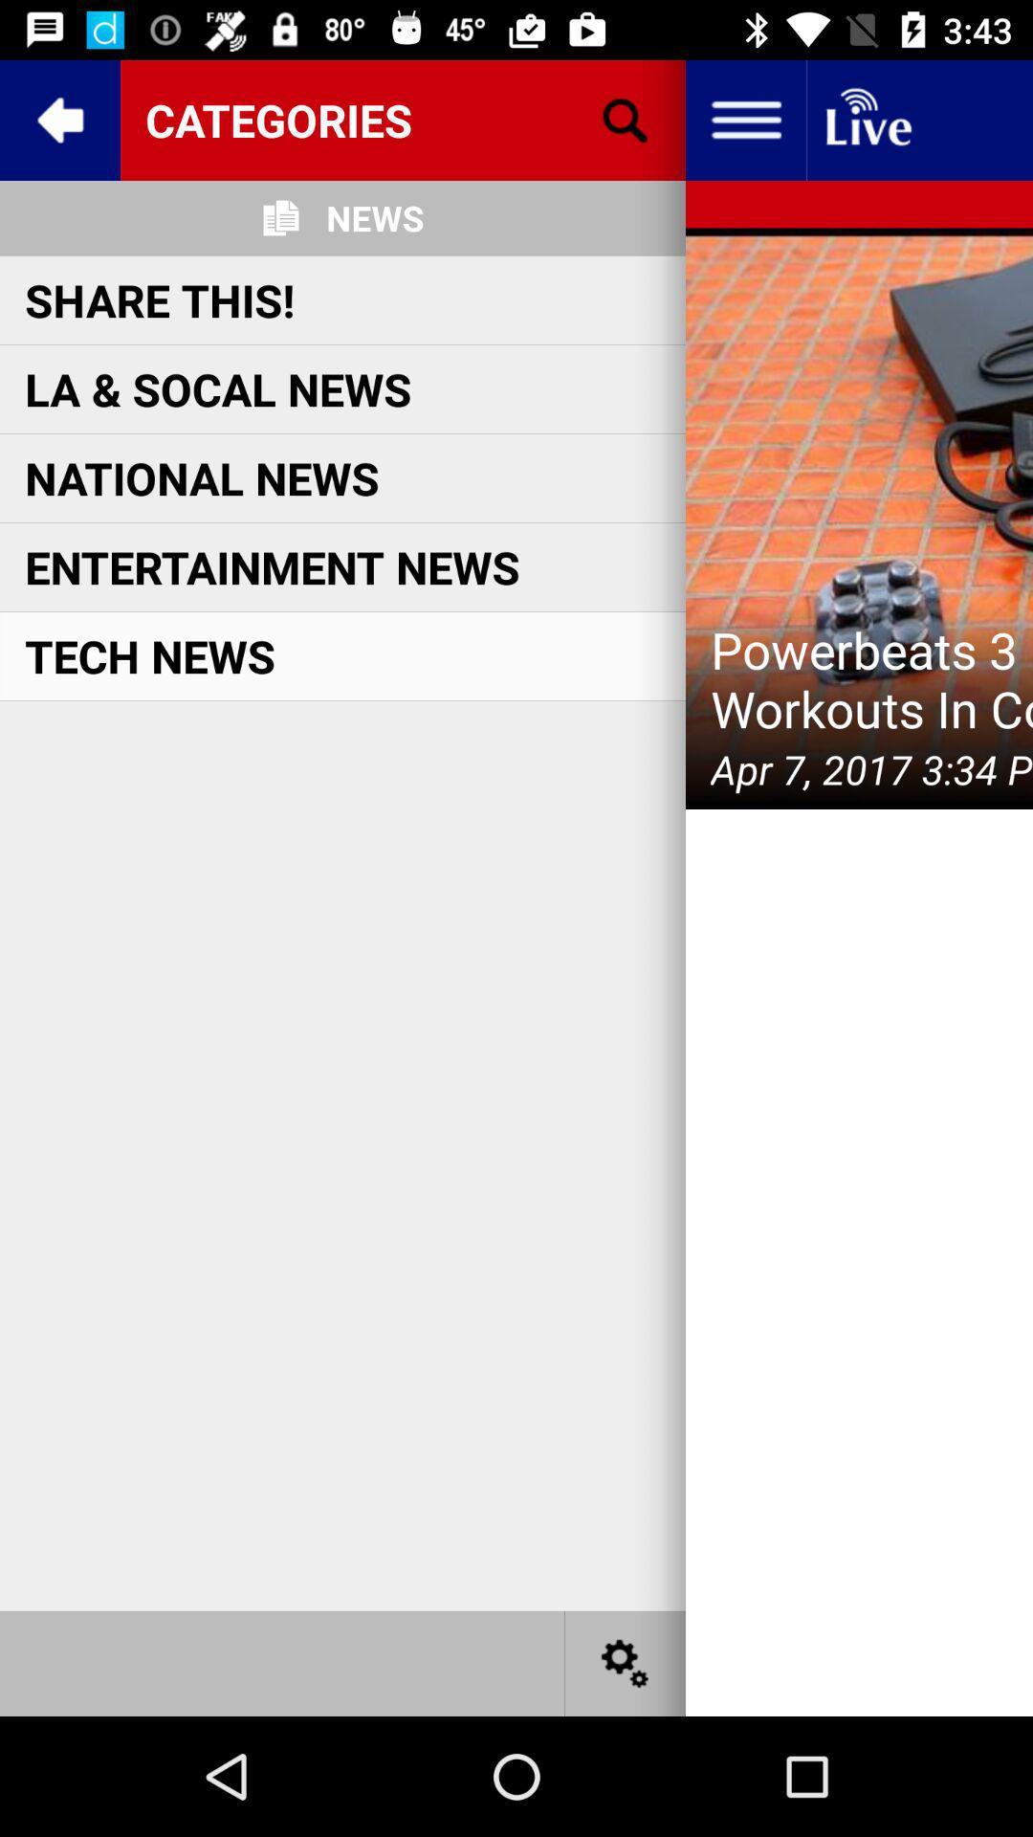 This screenshot has width=1033, height=1837. Describe the element at coordinates (58, 119) in the screenshot. I see `back` at that location.